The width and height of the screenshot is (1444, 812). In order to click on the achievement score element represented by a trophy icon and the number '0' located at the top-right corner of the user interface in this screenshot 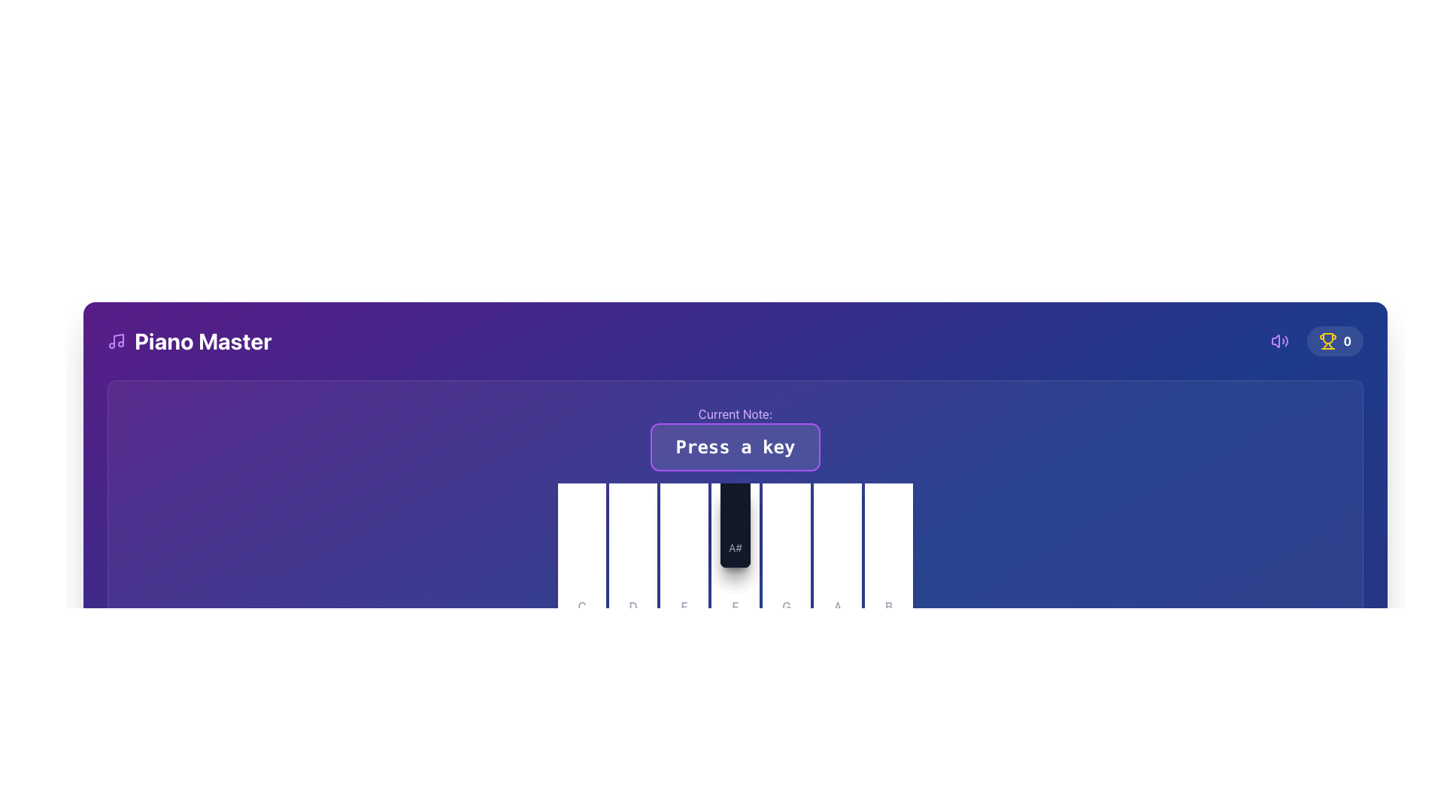, I will do `click(1313, 341)`.